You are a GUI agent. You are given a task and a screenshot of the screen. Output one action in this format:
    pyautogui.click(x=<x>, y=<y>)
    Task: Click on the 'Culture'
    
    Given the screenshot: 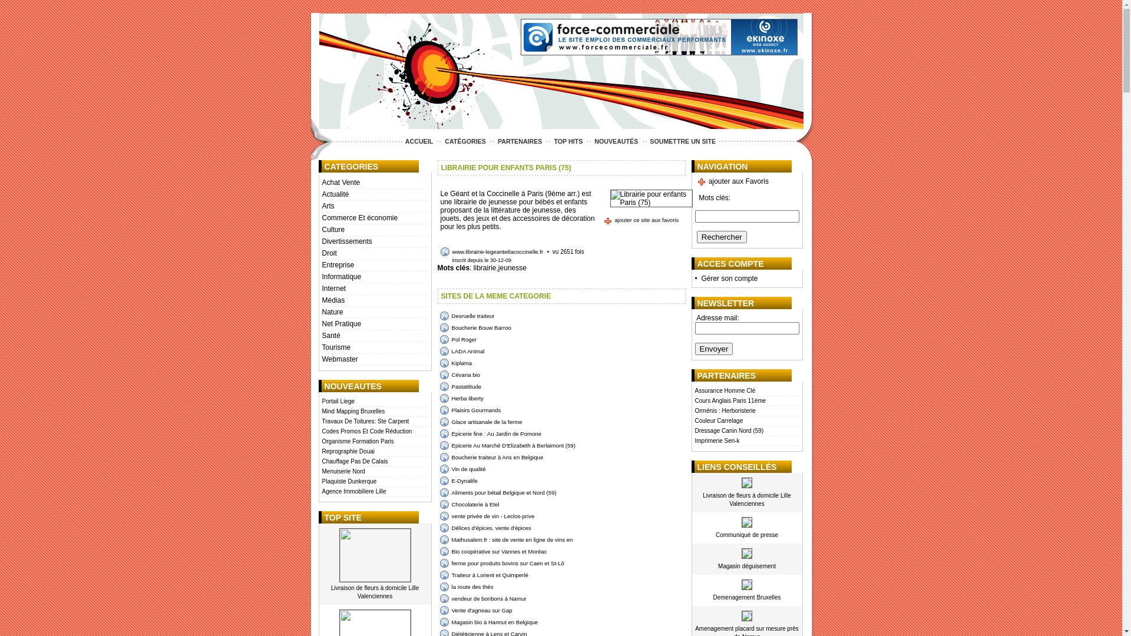 What is the action you would take?
    pyautogui.click(x=373, y=230)
    